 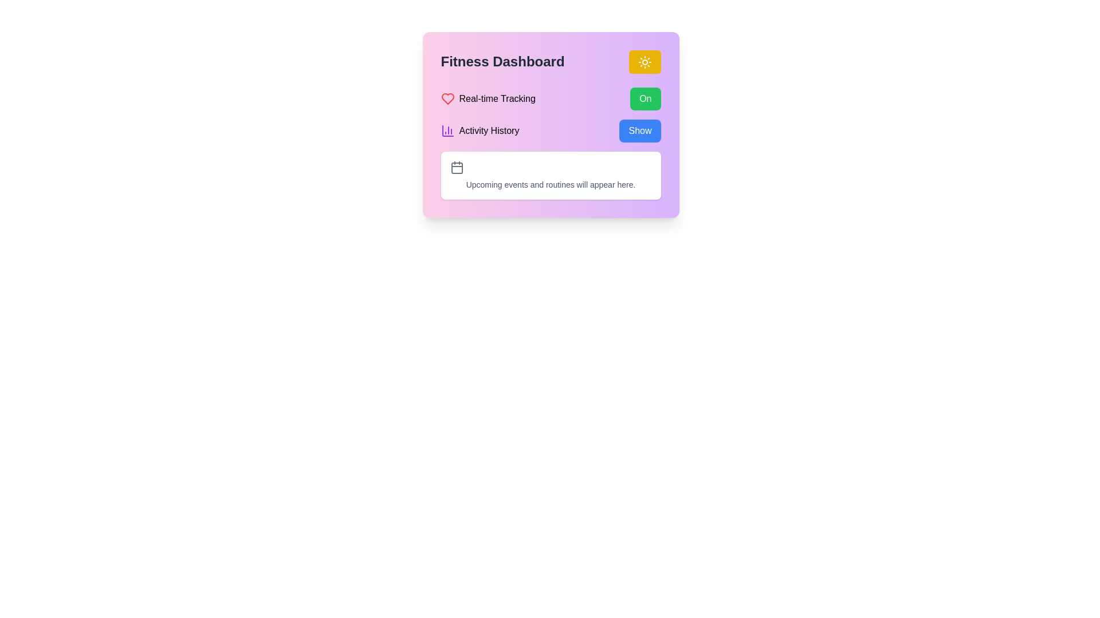 I want to click on the heart-shaped icon representing real-time tracking, located to the left of the text 'Real-time Tracking' in the Fitness Dashboard section, so click(x=447, y=98).